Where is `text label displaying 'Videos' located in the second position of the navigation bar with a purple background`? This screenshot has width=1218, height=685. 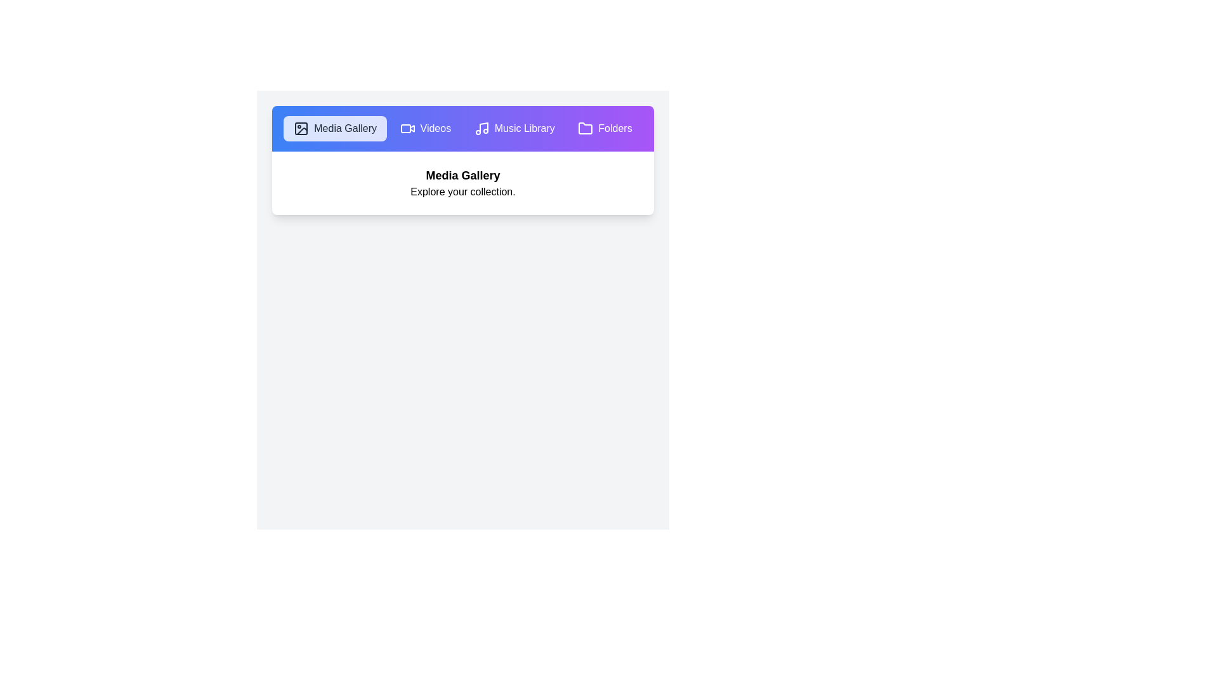
text label displaying 'Videos' located in the second position of the navigation bar with a purple background is located at coordinates (435, 129).